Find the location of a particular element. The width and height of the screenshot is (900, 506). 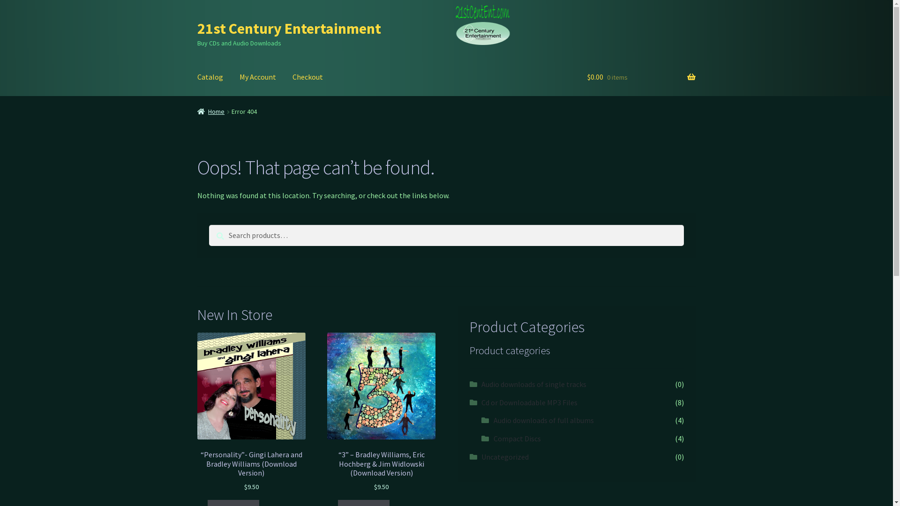

'Checkout' is located at coordinates (307, 77).